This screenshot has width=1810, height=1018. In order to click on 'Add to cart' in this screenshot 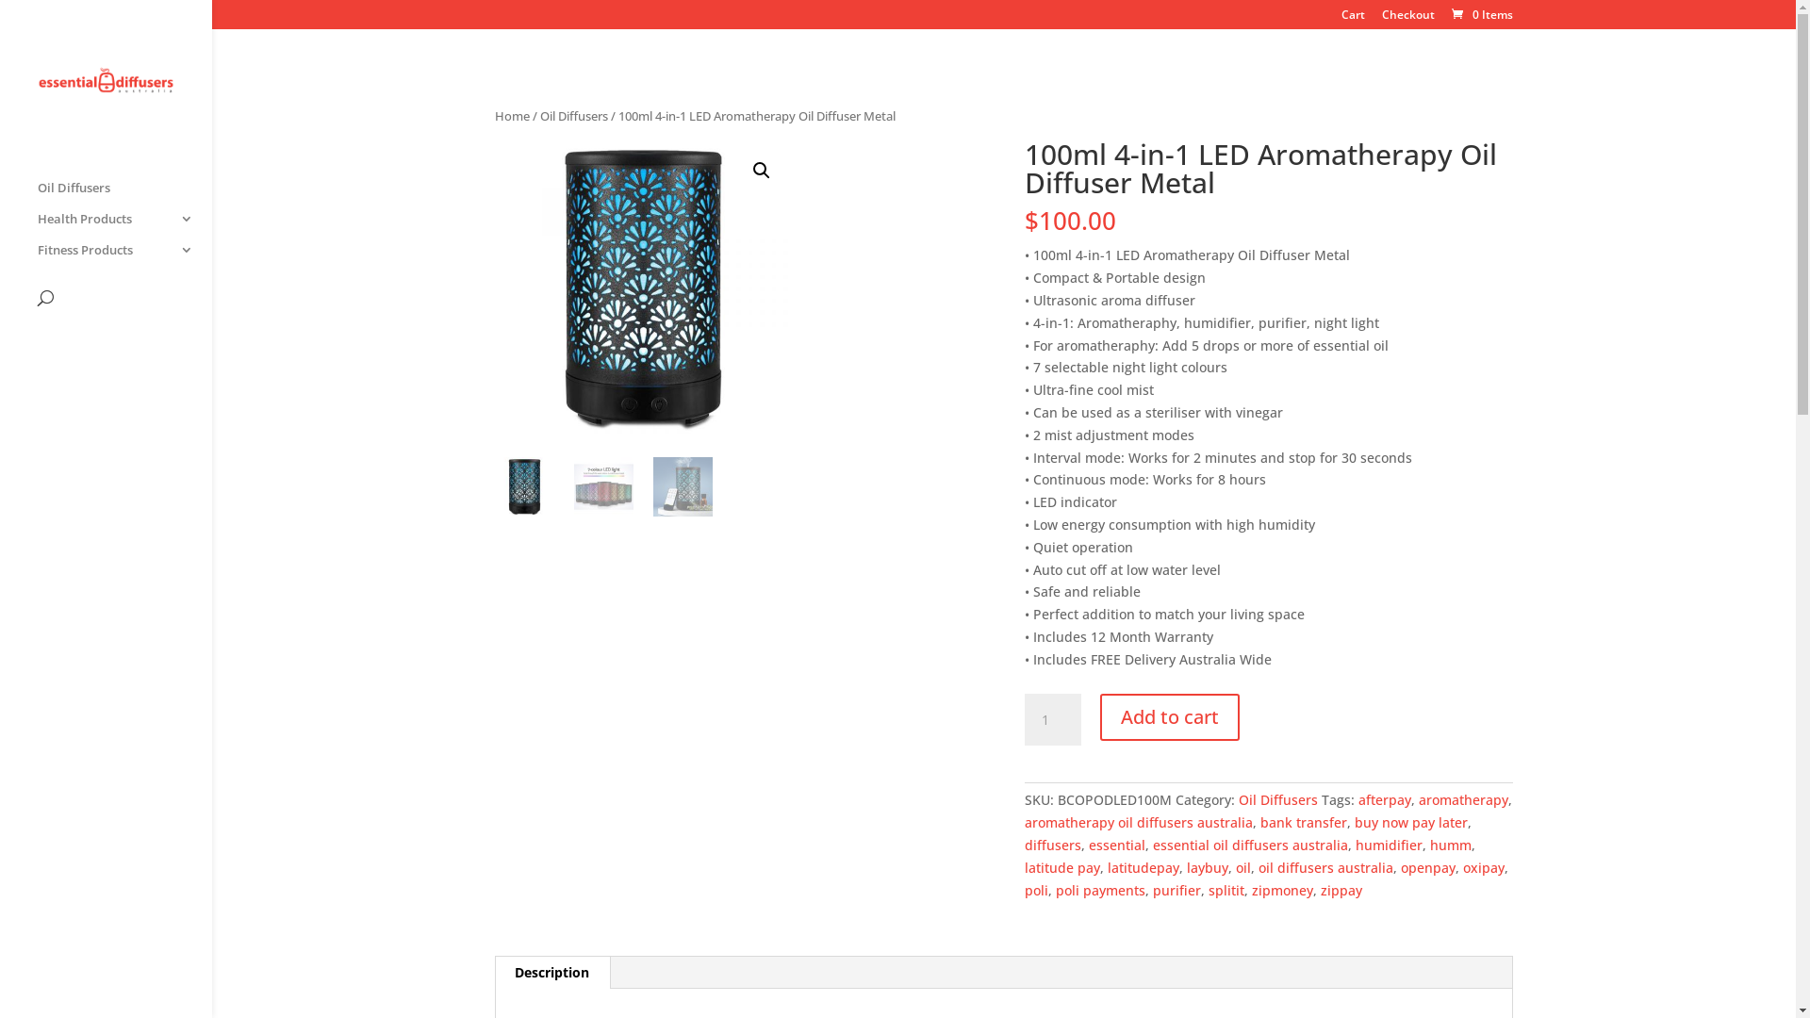, I will do `click(1169, 716)`.